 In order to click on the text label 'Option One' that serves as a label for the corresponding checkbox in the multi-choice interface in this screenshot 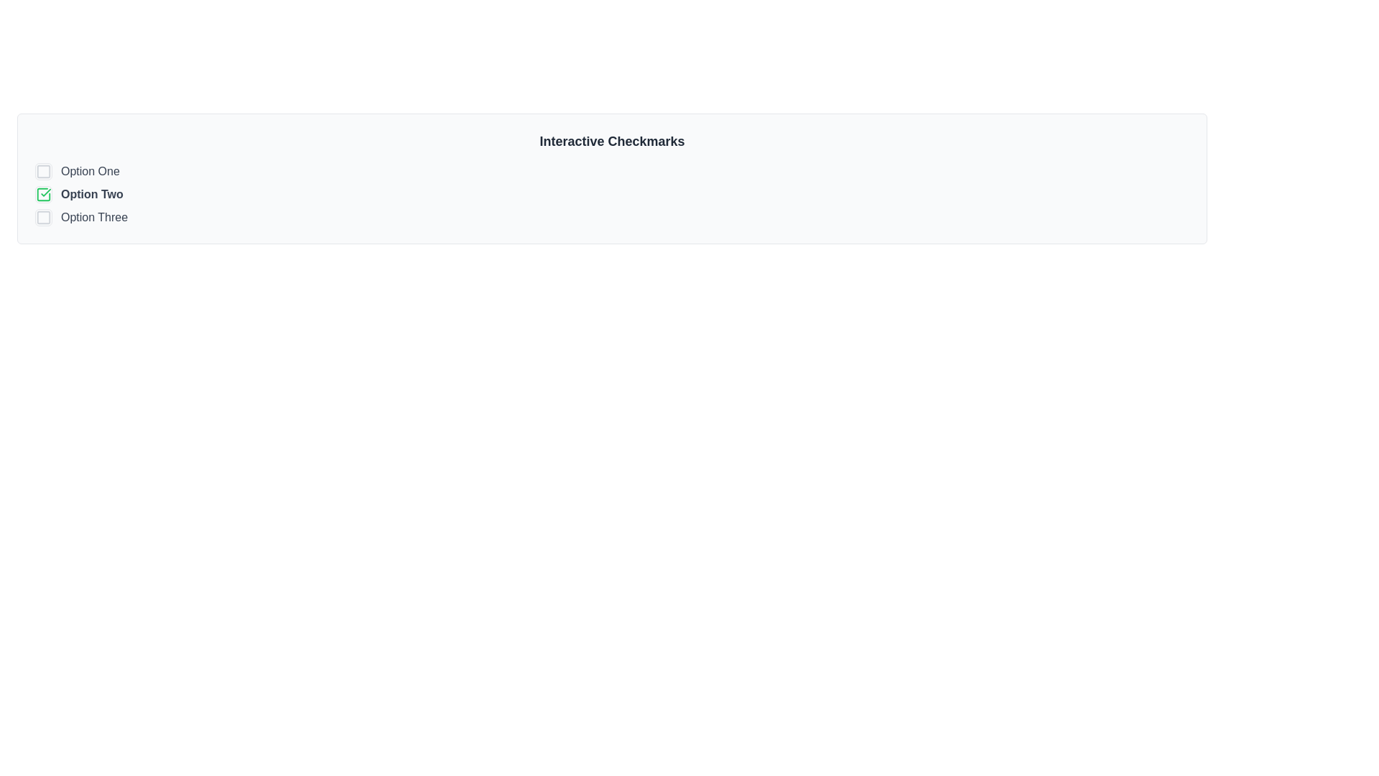, I will do `click(89, 171)`.